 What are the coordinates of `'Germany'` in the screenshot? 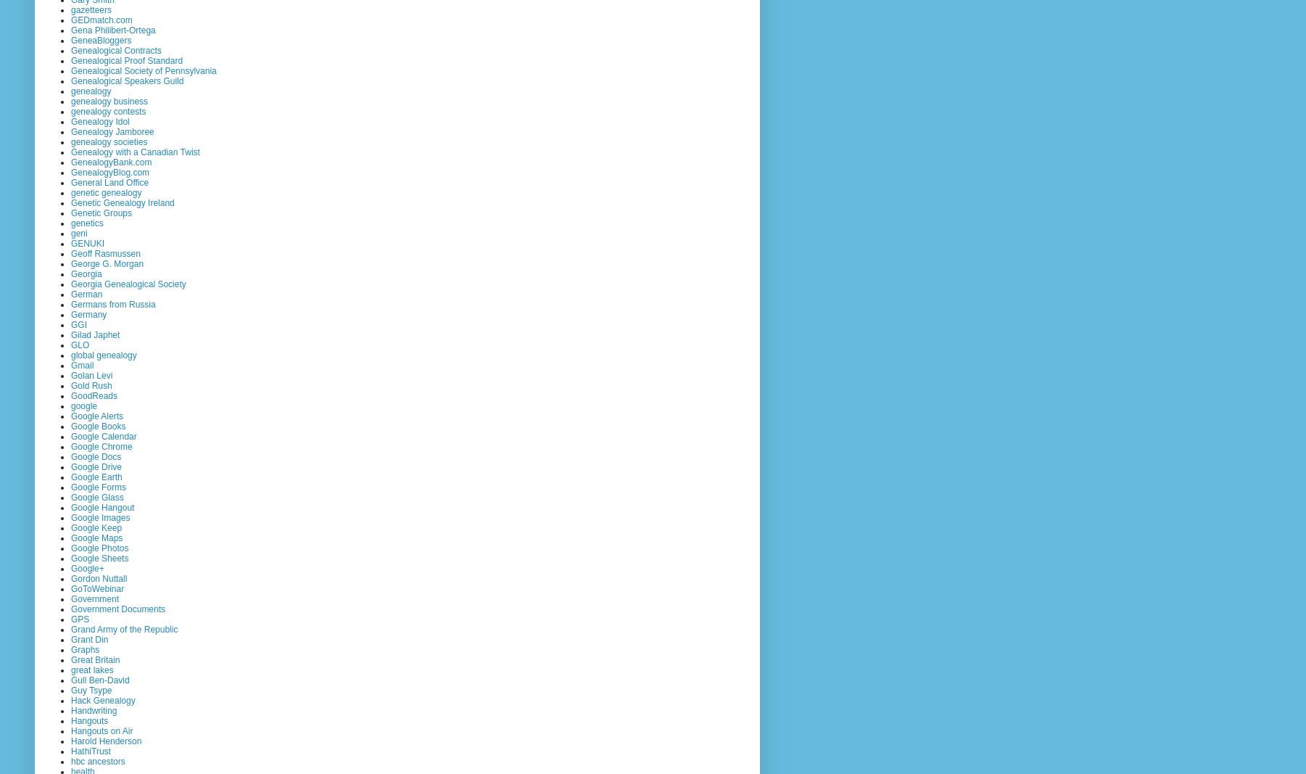 It's located at (88, 313).